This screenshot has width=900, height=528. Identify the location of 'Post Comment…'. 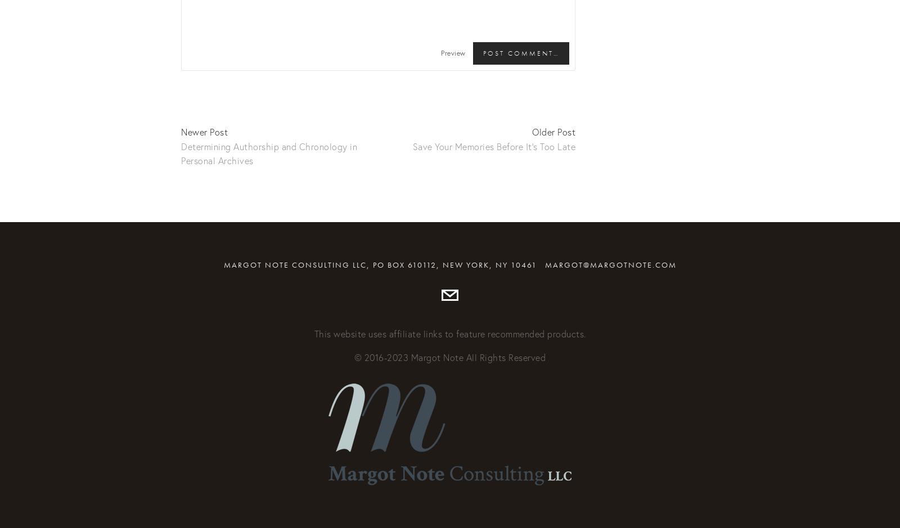
(520, 53).